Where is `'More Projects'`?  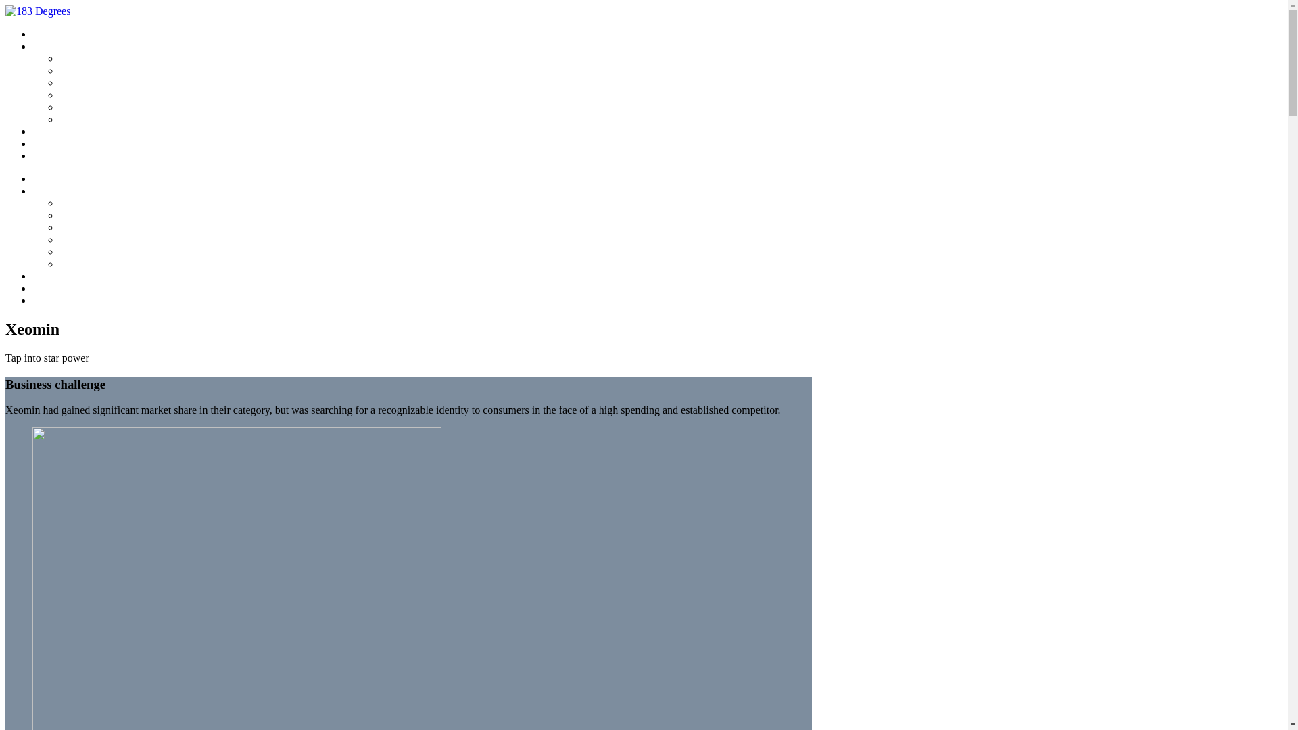
'More Projects' is located at coordinates (60, 275).